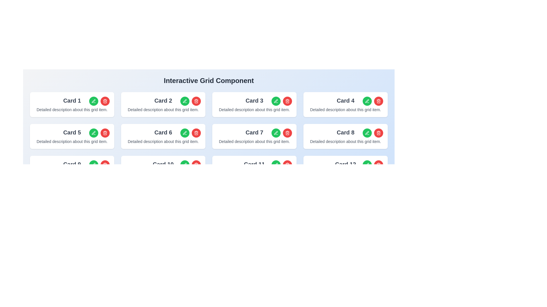 The width and height of the screenshot is (547, 307). I want to click on the delete button in the top-right corner of 'Card 5', so click(105, 133).